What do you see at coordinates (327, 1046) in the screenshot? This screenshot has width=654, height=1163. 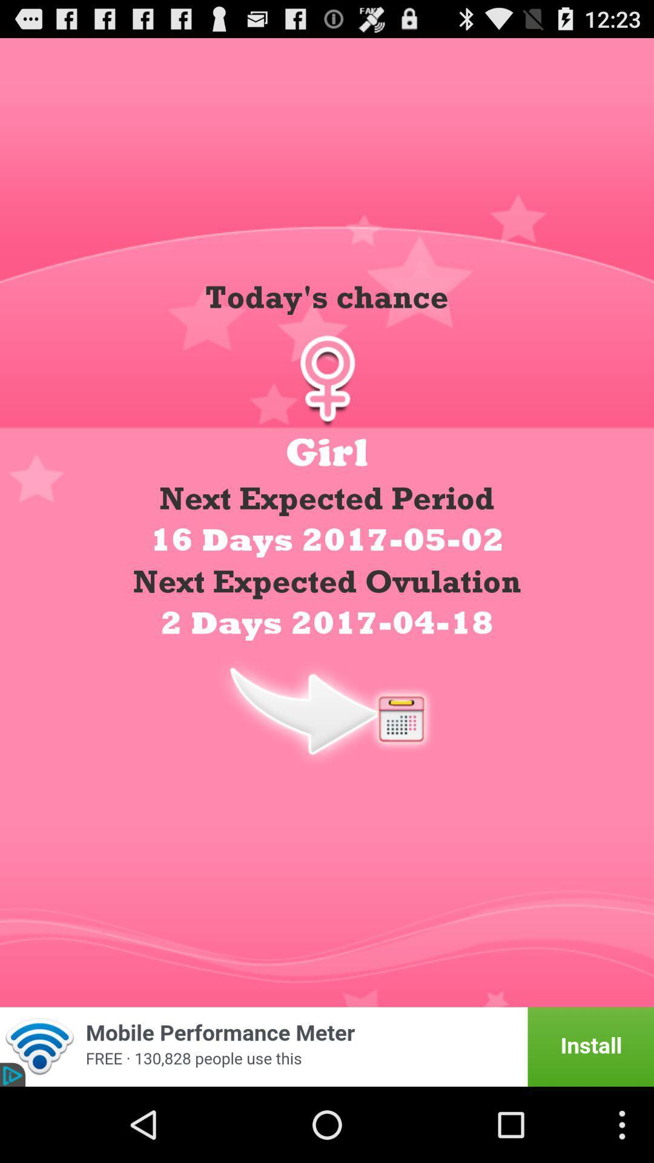 I see `click on add` at bounding box center [327, 1046].